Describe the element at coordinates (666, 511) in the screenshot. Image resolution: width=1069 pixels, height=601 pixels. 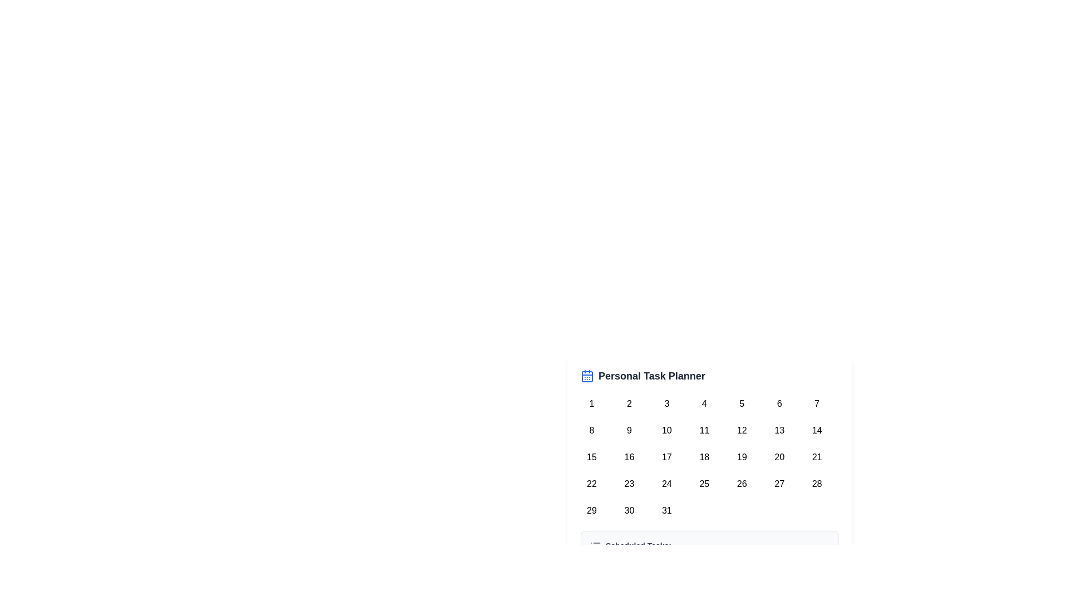
I see `the rounded square button labeled '31' in the bottom-right corner of the calendar grid` at that location.